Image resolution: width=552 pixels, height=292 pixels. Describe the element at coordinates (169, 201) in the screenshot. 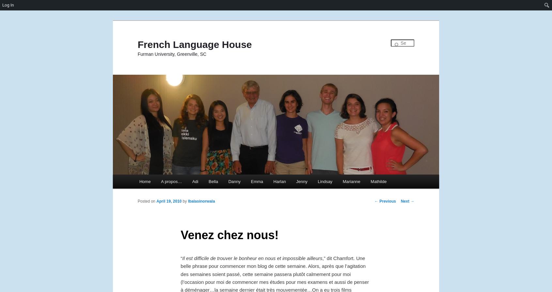

I see `'April 19, 2010'` at that location.